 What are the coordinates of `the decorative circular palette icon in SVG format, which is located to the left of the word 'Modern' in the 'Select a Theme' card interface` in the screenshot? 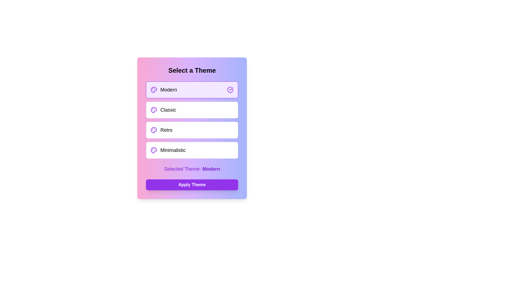 It's located at (154, 110).